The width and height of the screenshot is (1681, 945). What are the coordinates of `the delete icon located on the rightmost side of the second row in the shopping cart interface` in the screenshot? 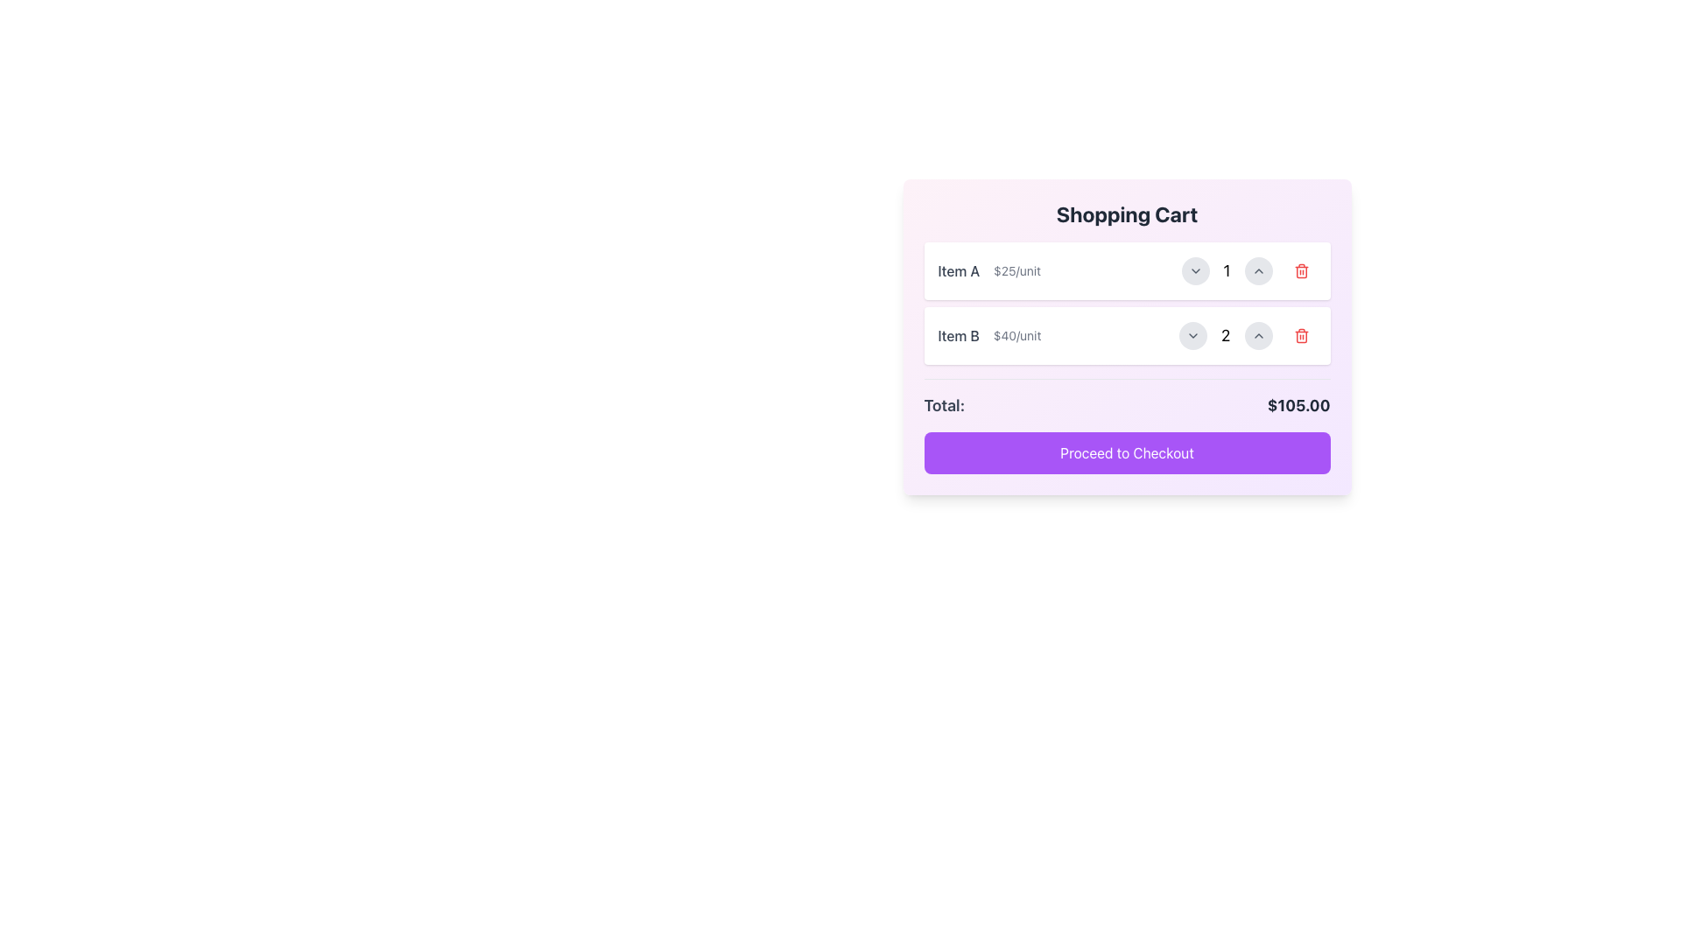 It's located at (1301, 336).